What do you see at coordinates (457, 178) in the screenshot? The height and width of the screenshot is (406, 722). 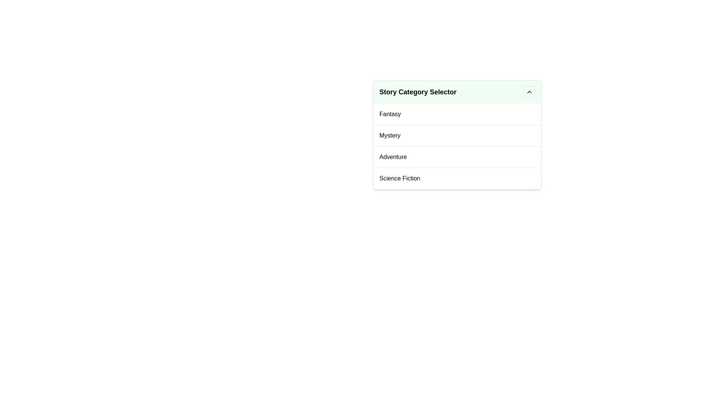 I see `the 'Science Fiction' list item in the 'Story Category Selector' dropdown` at bounding box center [457, 178].